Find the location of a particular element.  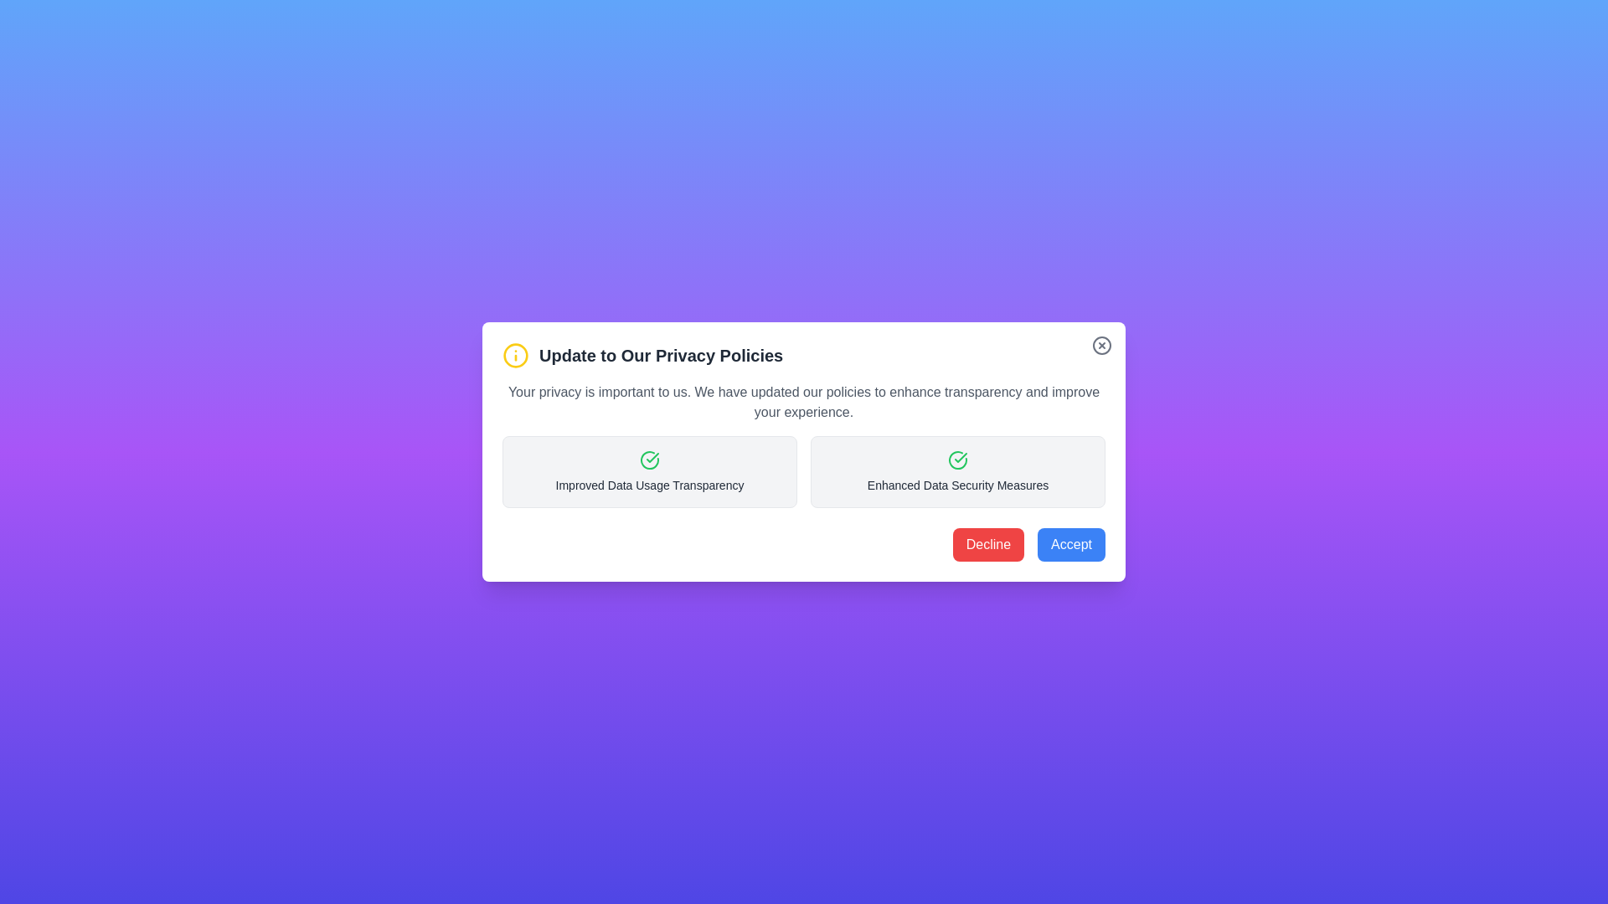

the 'Accept' button to acknowledge the information is located at coordinates (1069, 545).